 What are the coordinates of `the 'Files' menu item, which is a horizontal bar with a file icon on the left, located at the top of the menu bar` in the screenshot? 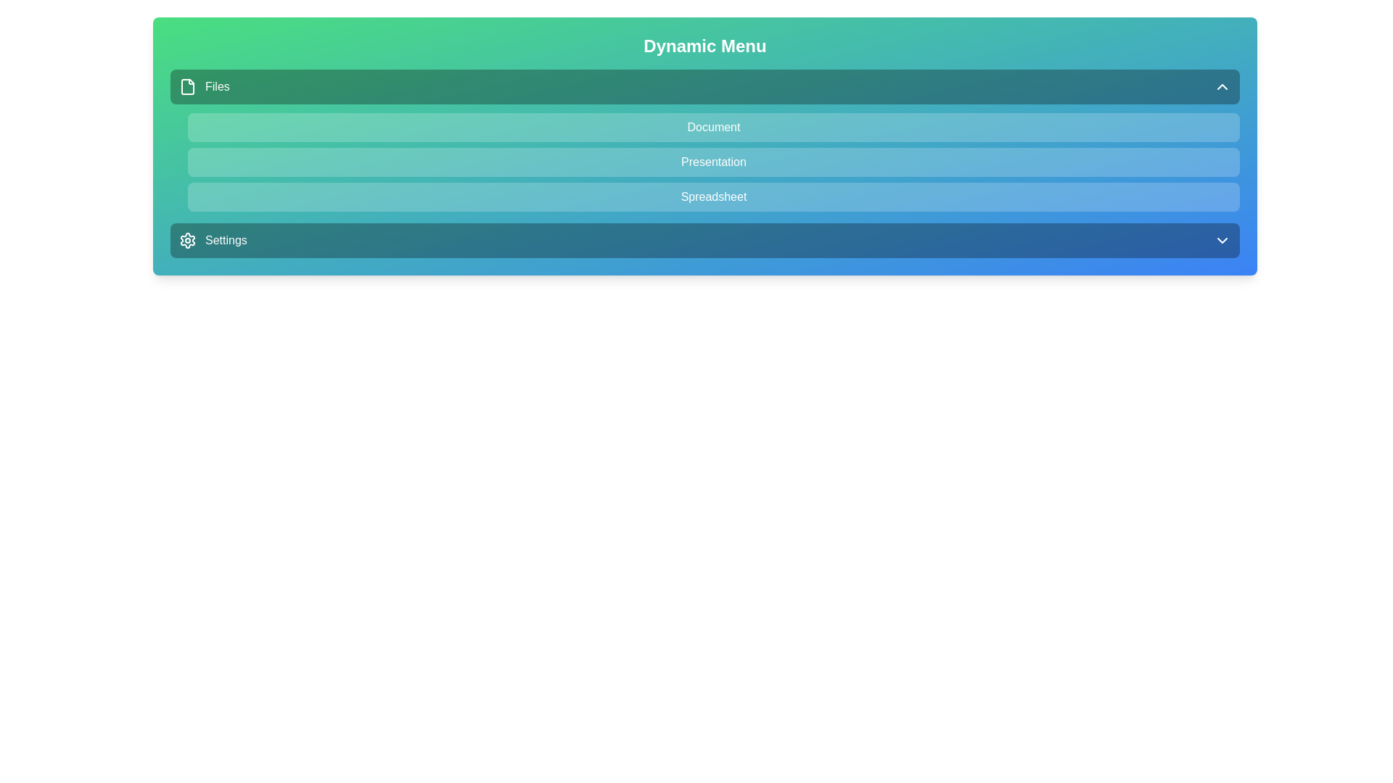 It's located at (203, 86).